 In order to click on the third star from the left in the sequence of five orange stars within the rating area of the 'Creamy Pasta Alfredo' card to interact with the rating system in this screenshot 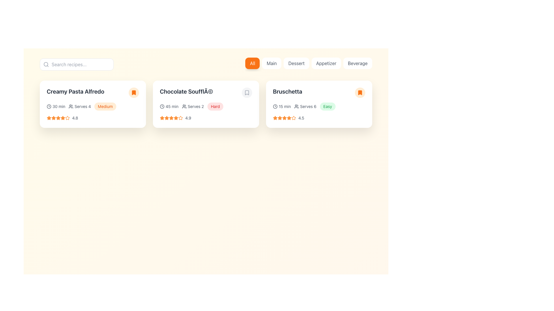, I will do `click(58, 117)`.